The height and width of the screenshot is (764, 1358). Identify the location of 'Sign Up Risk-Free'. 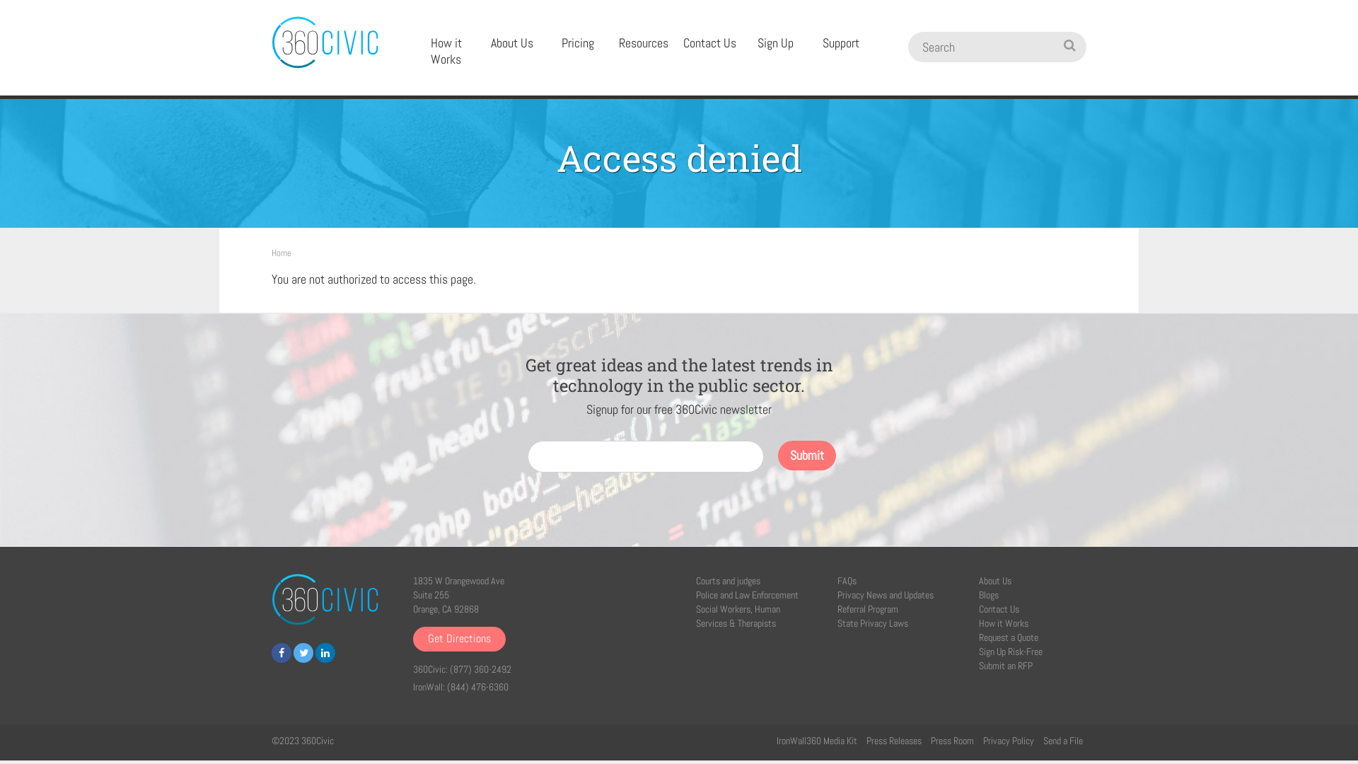
(1010, 652).